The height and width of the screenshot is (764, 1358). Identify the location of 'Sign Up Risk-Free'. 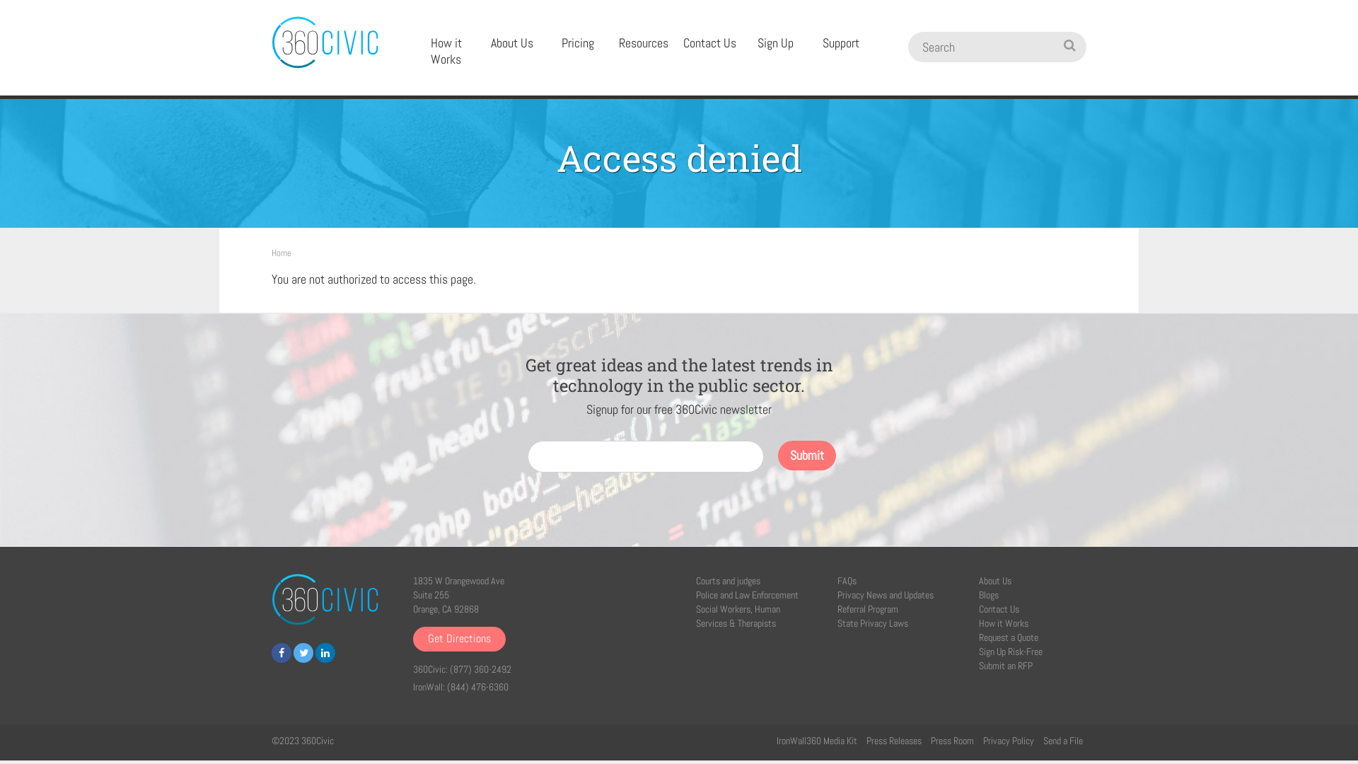
(1010, 652).